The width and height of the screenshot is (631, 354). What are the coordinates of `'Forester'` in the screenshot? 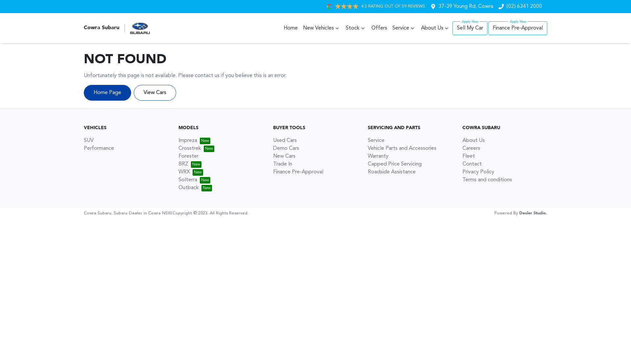 It's located at (188, 156).